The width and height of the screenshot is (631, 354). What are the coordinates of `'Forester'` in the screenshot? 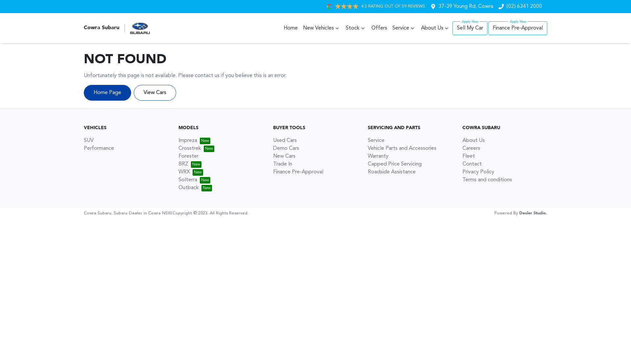 It's located at (188, 156).